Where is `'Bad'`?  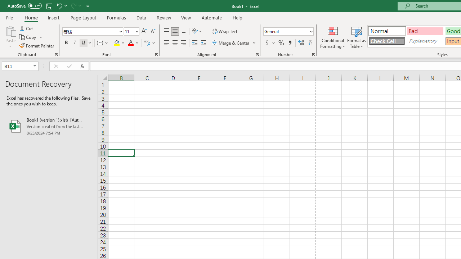 'Bad' is located at coordinates (425, 31).